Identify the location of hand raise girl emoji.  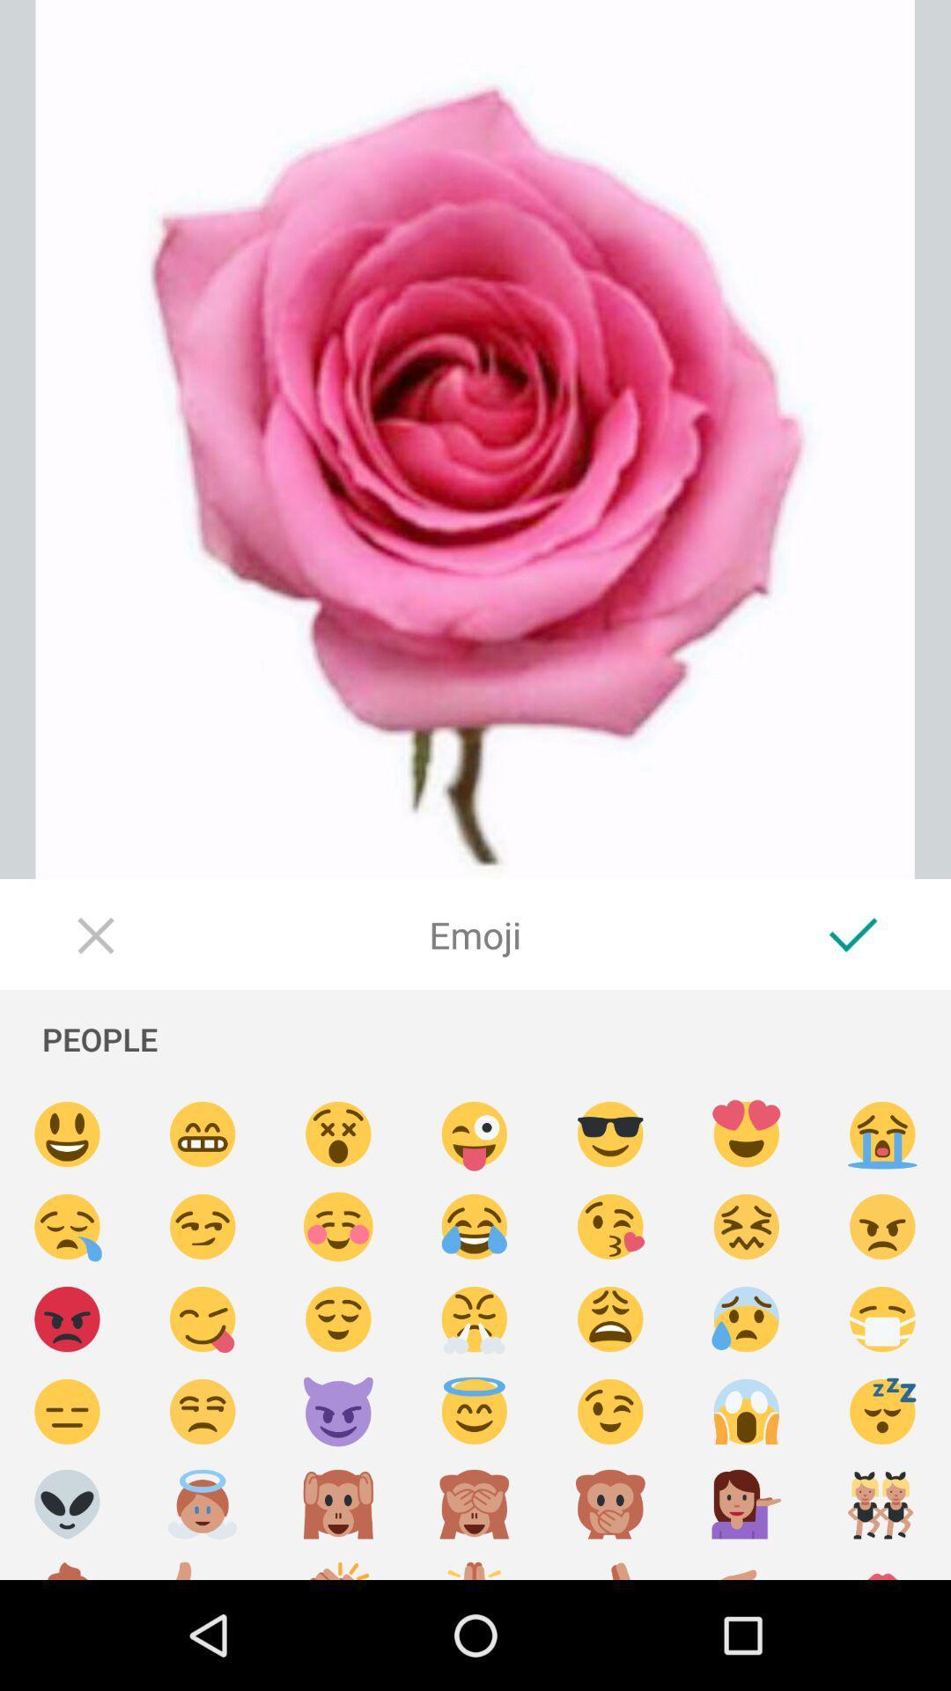
(747, 1503).